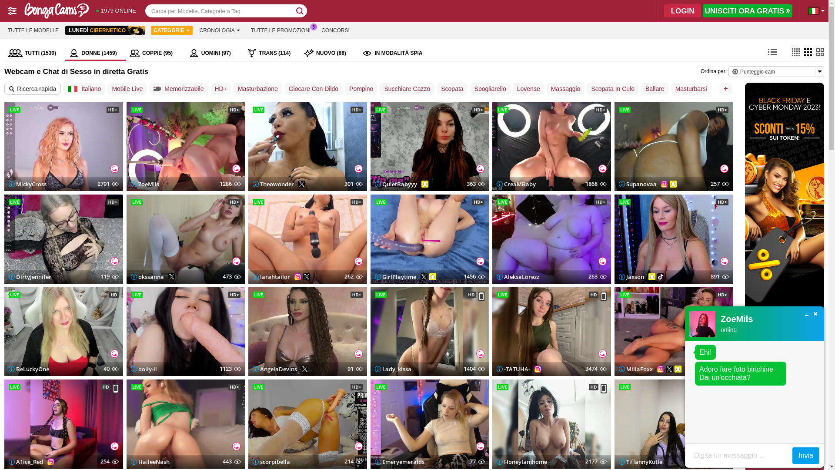 This screenshot has width=835, height=470. What do you see at coordinates (612, 89) in the screenshot?
I see `'Scopata In Culo'` at bounding box center [612, 89].